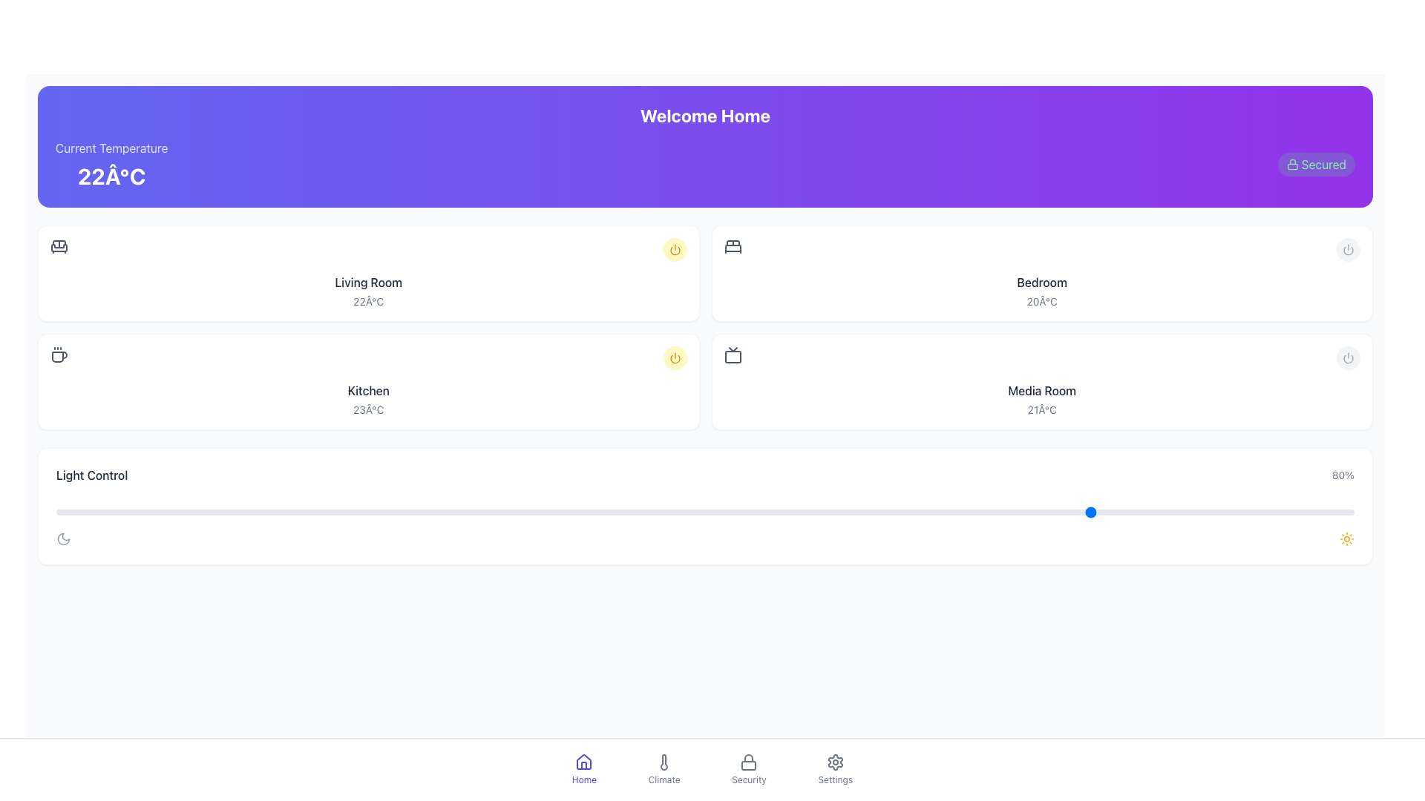 Image resolution: width=1425 pixels, height=801 pixels. Describe the element at coordinates (173, 511) in the screenshot. I see `the slider` at that location.